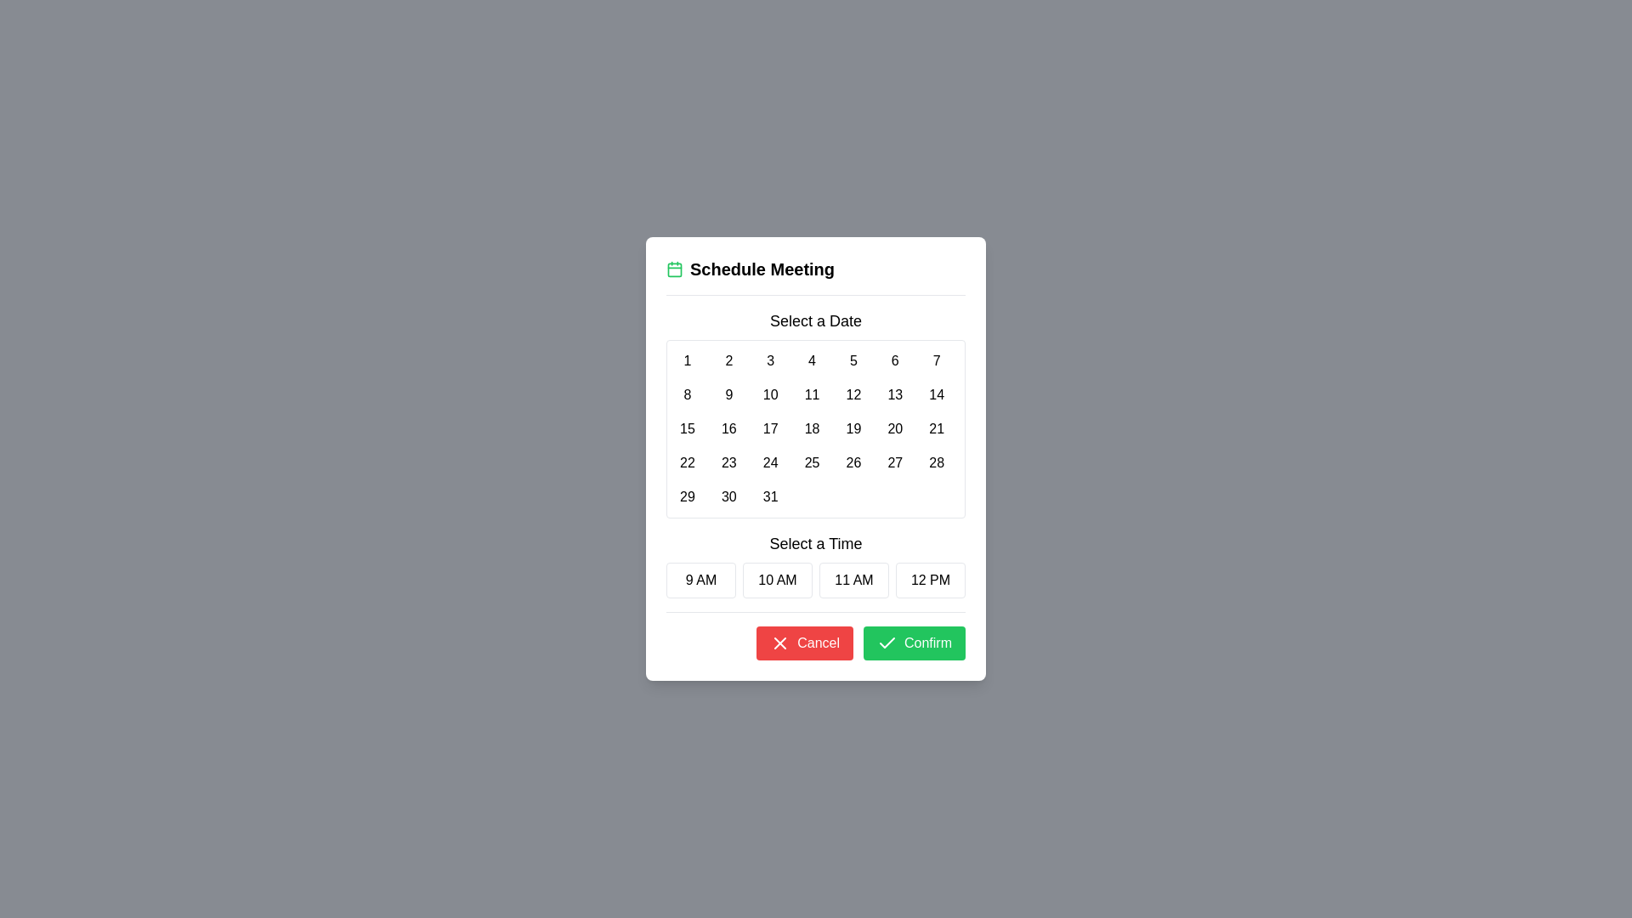 The width and height of the screenshot is (1632, 918). I want to click on the Button representing the 14th calendar date, so click(936, 395).